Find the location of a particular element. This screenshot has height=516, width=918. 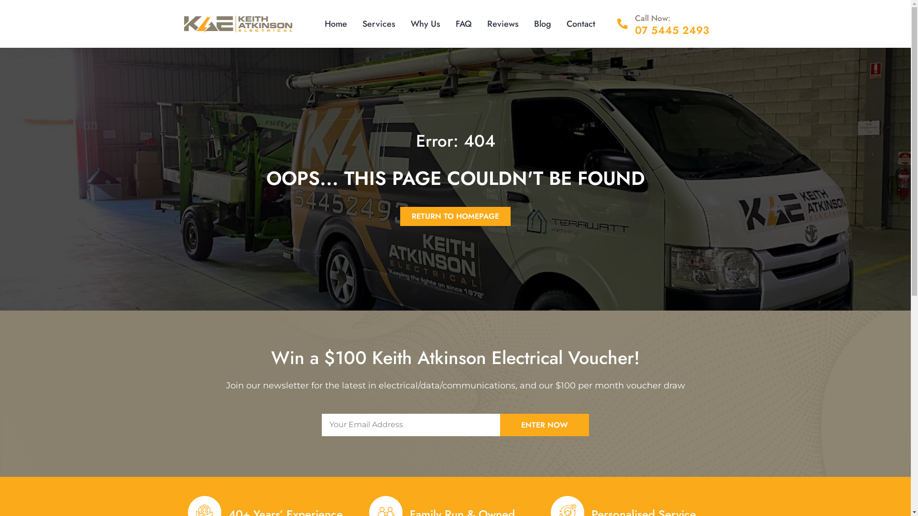

'Reviews' is located at coordinates (502, 23).